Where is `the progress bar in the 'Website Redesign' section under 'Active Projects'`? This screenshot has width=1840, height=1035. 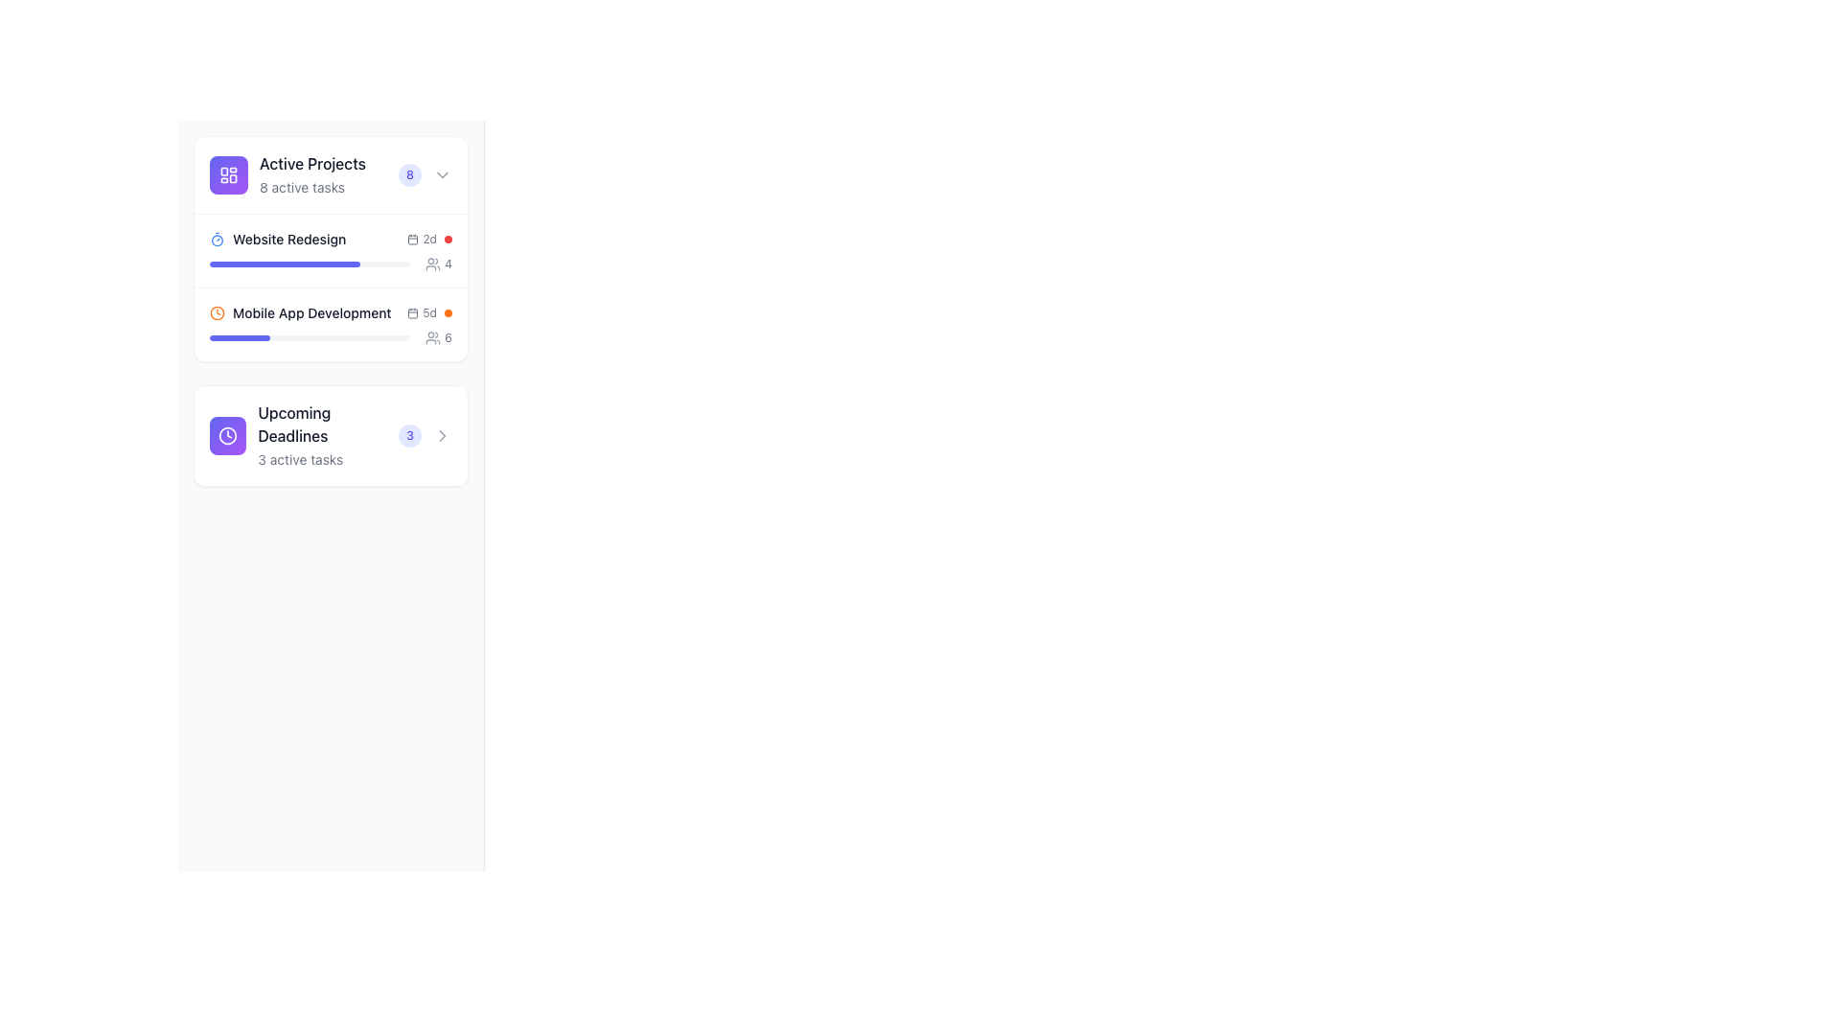 the progress bar in the 'Website Redesign' section under 'Active Projects' is located at coordinates (310, 264).